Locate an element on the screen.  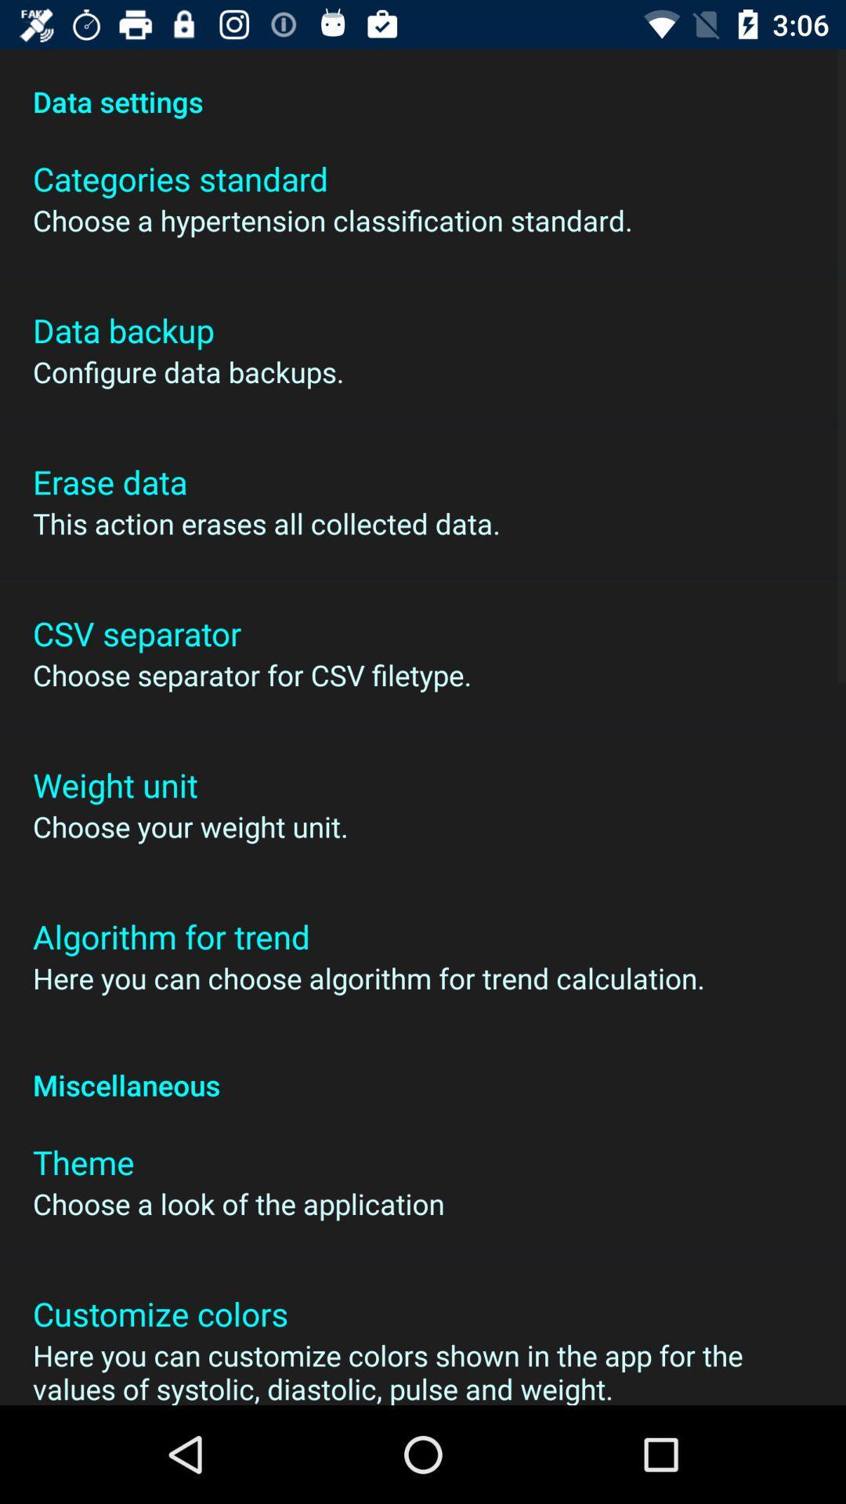
app above the this action erases item is located at coordinates (109, 480).